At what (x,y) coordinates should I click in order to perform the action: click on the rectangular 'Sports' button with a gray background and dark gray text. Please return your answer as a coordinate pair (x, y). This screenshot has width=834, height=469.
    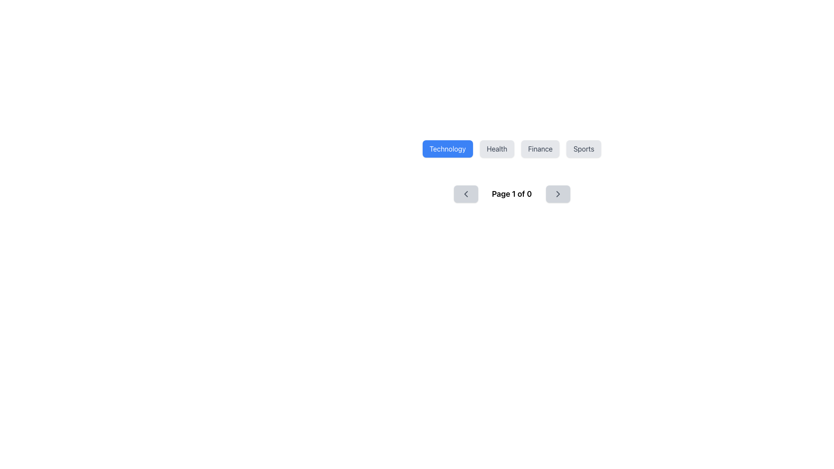
    Looking at the image, I should click on (584, 149).